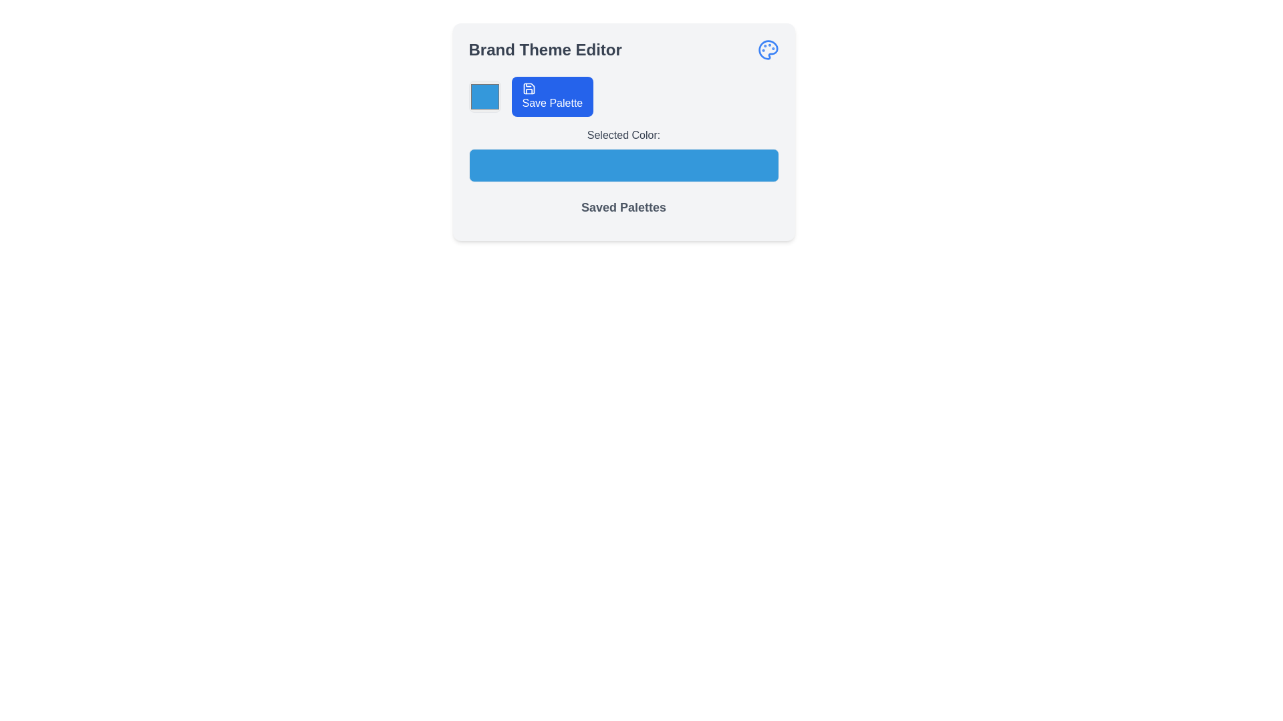  What do you see at coordinates (768, 49) in the screenshot?
I see `the blue palette-shaped icon in the top-right corner of the 'Brand Theme Editor' section` at bounding box center [768, 49].